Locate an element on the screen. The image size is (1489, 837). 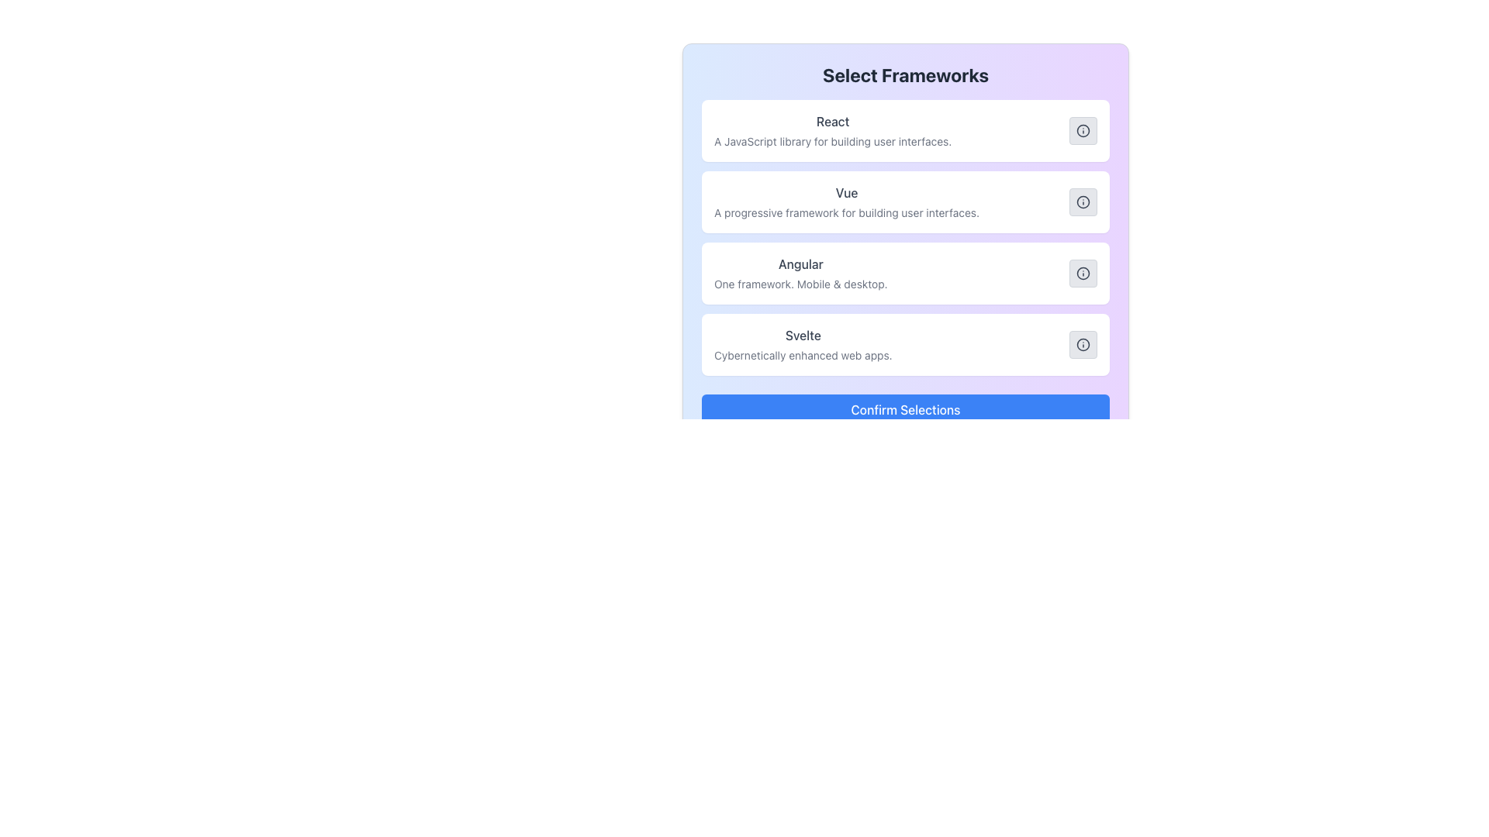
the Text Label element displaying 'A JavaScript library for building user interfaces.' located below the 'React' heading in the framework information panel is located at coordinates (832, 141).